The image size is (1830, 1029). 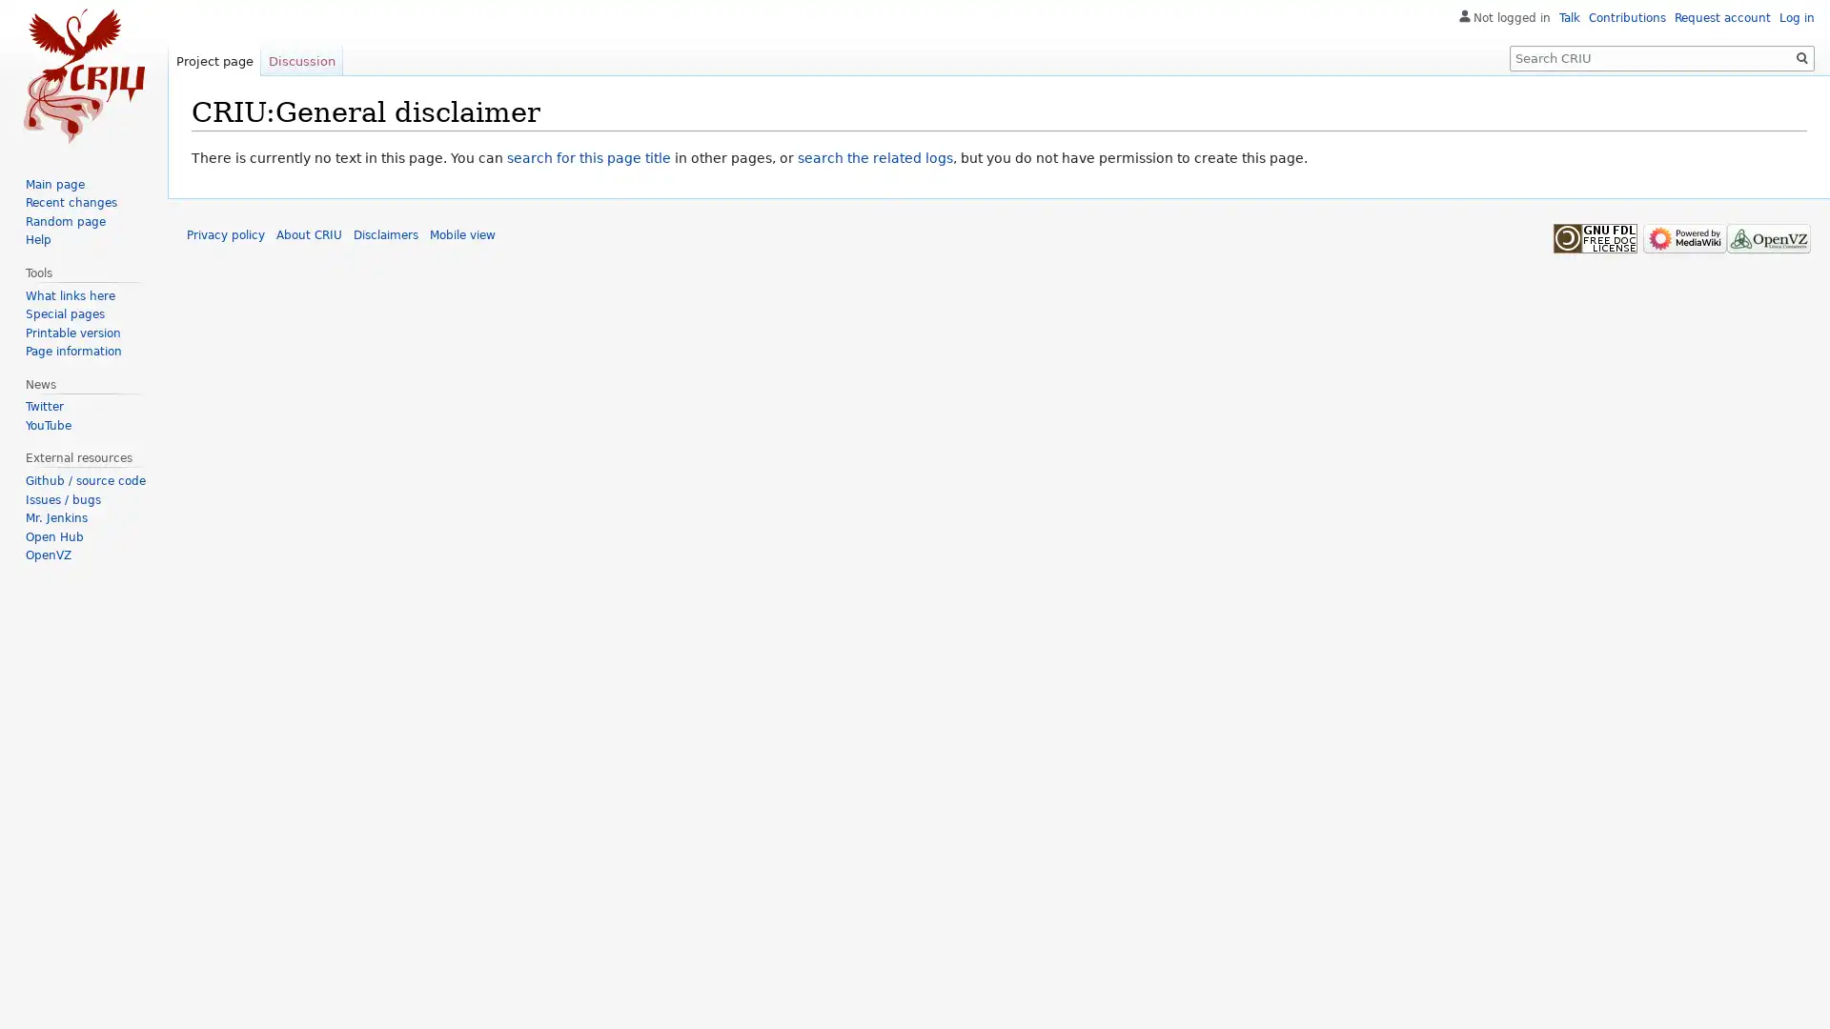 What do you see at coordinates (1801, 57) in the screenshot?
I see `Go` at bounding box center [1801, 57].